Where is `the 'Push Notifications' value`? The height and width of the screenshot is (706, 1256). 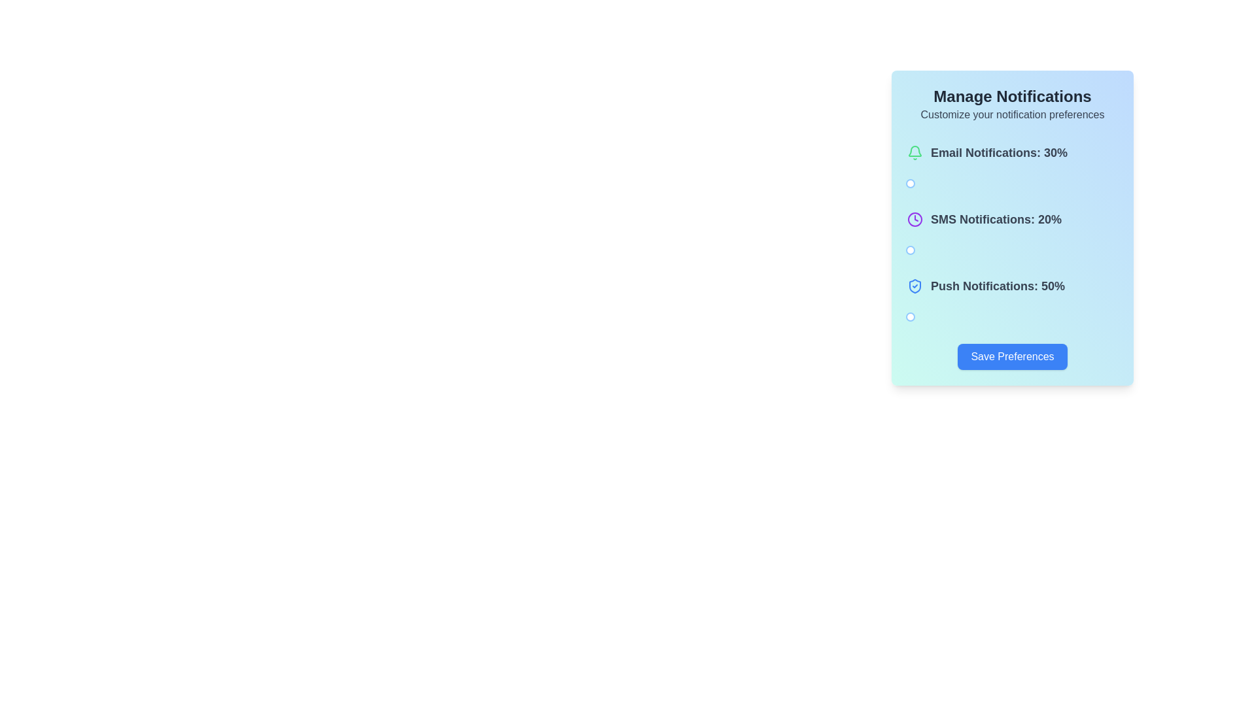
the 'Push Notifications' value is located at coordinates (895, 317).